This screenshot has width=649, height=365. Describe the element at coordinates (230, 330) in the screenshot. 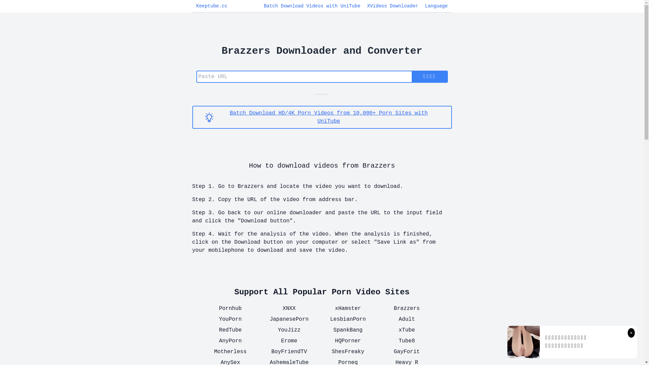

I see `'RedTube'` at that location.